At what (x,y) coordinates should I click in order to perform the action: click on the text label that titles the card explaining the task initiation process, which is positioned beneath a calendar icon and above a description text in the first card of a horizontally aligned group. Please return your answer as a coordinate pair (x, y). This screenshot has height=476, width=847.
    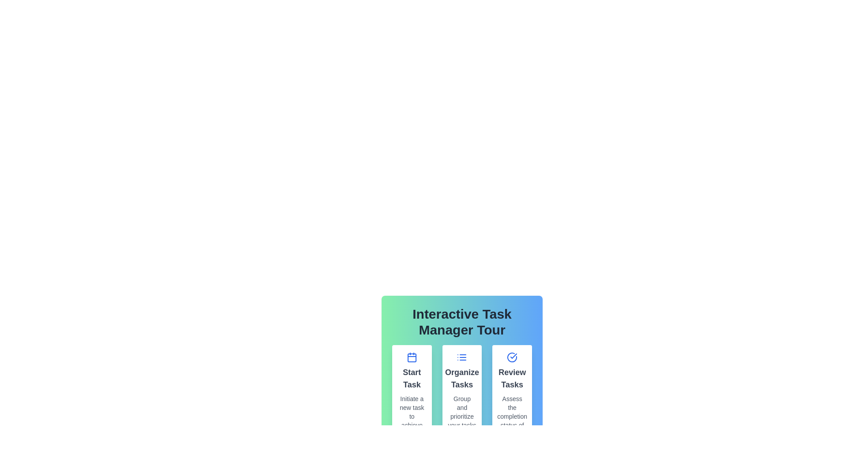
    Looking at the image, I should click on (411, 378).